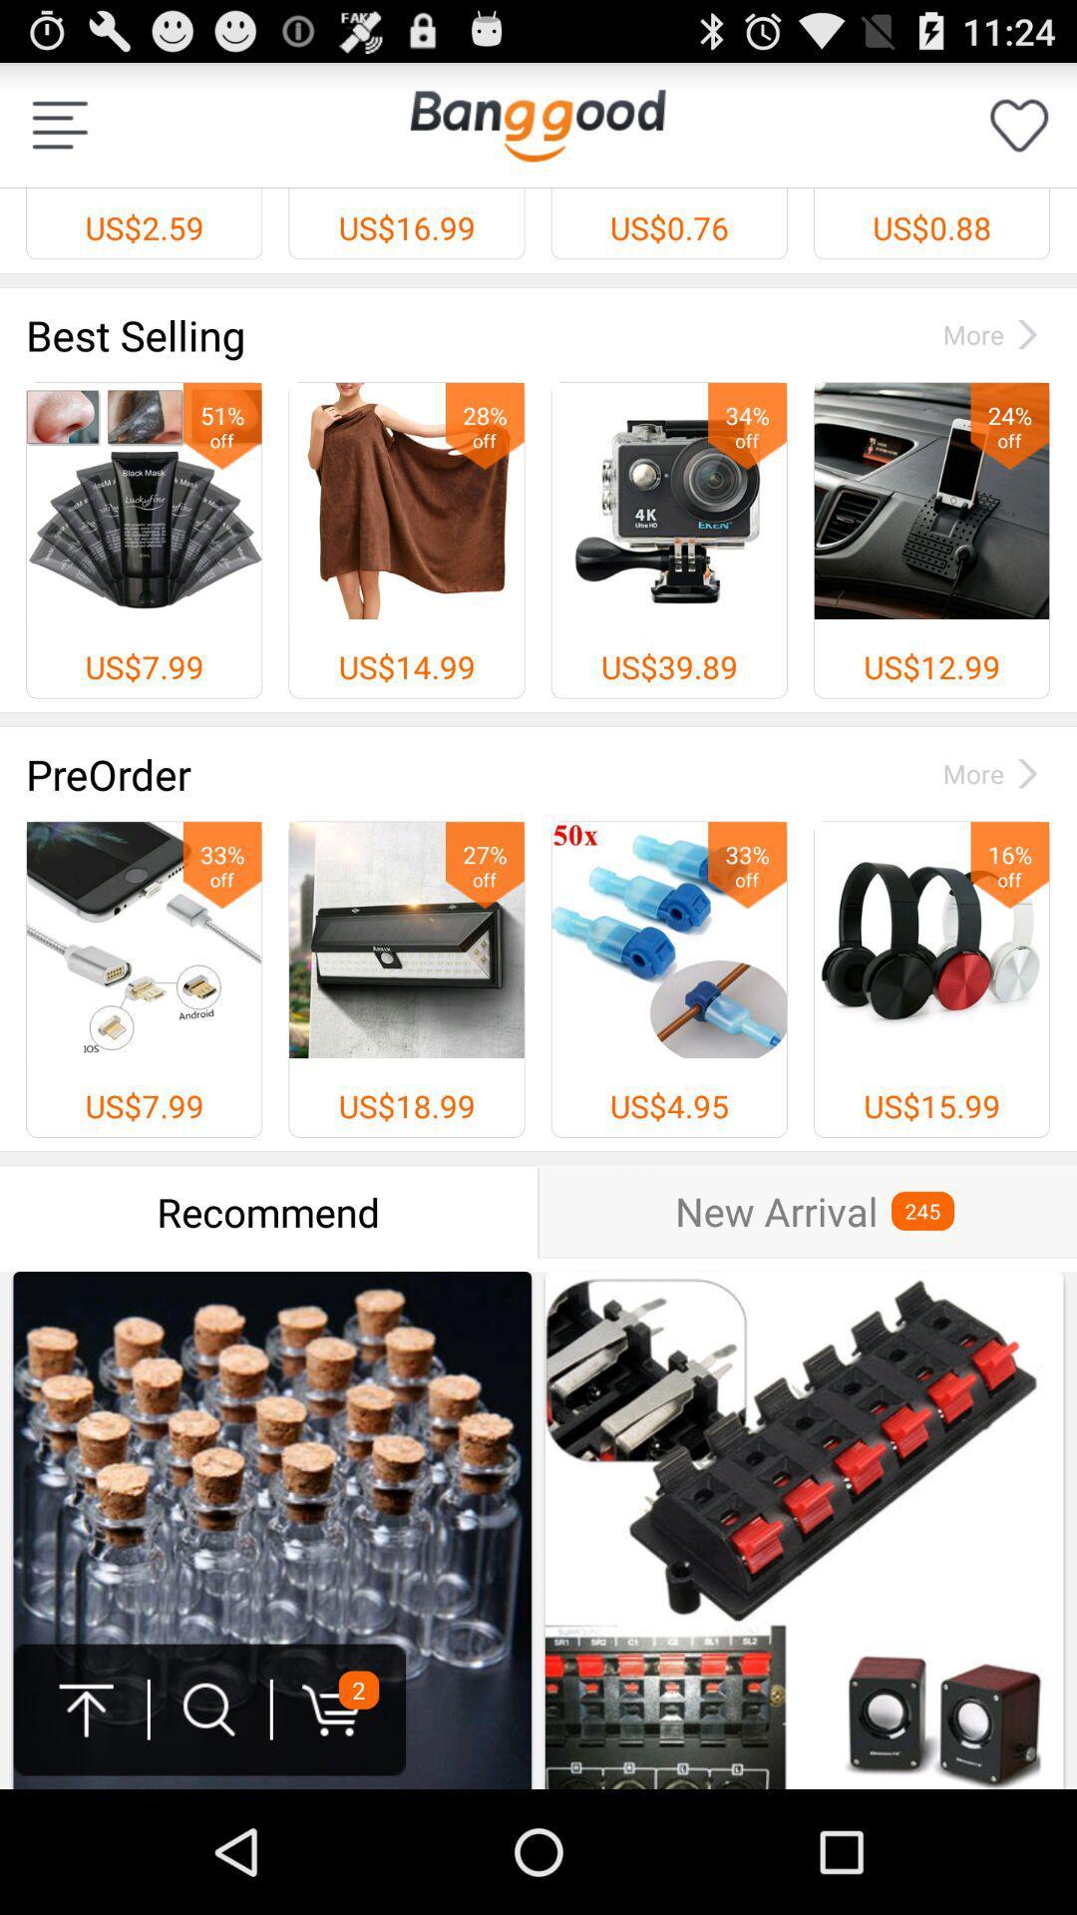 This screenshot has width=1077, height=1915. I want to click on switch to homepage, so click(537, 124).